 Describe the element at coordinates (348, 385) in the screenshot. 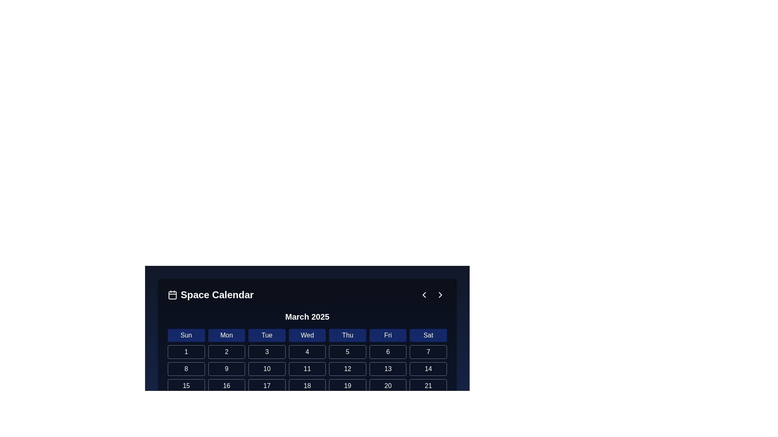

I see `text on the calendar day cell representing the 19th of March 2025, located in the seventh column of the fourth row` at that location.